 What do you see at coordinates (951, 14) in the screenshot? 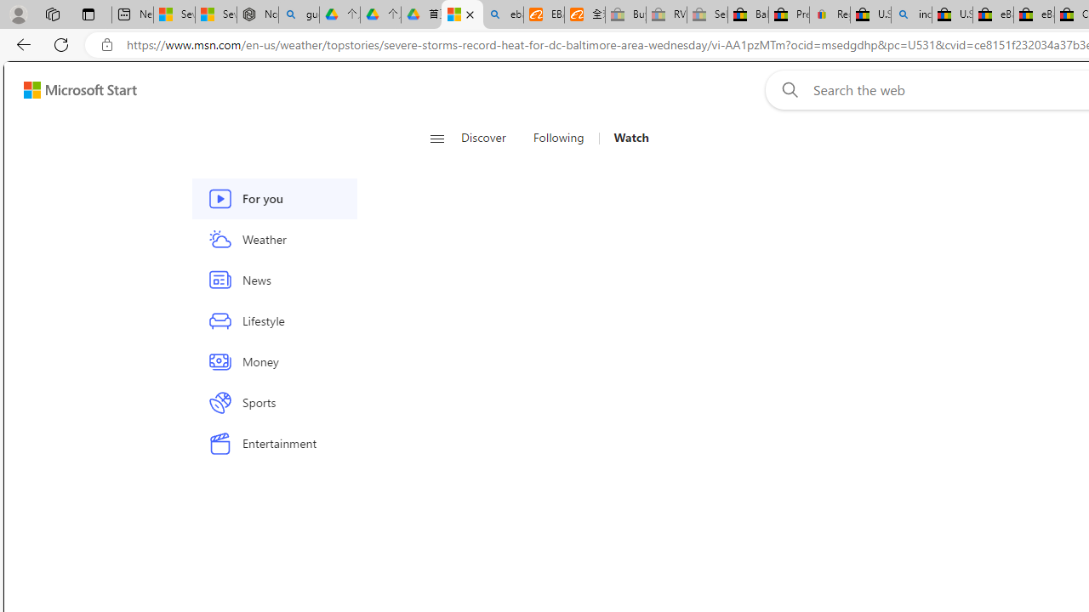
I see `'U.S. State Privacy Disclosures - eBay Inc.'` at bounding box center [951, 14].